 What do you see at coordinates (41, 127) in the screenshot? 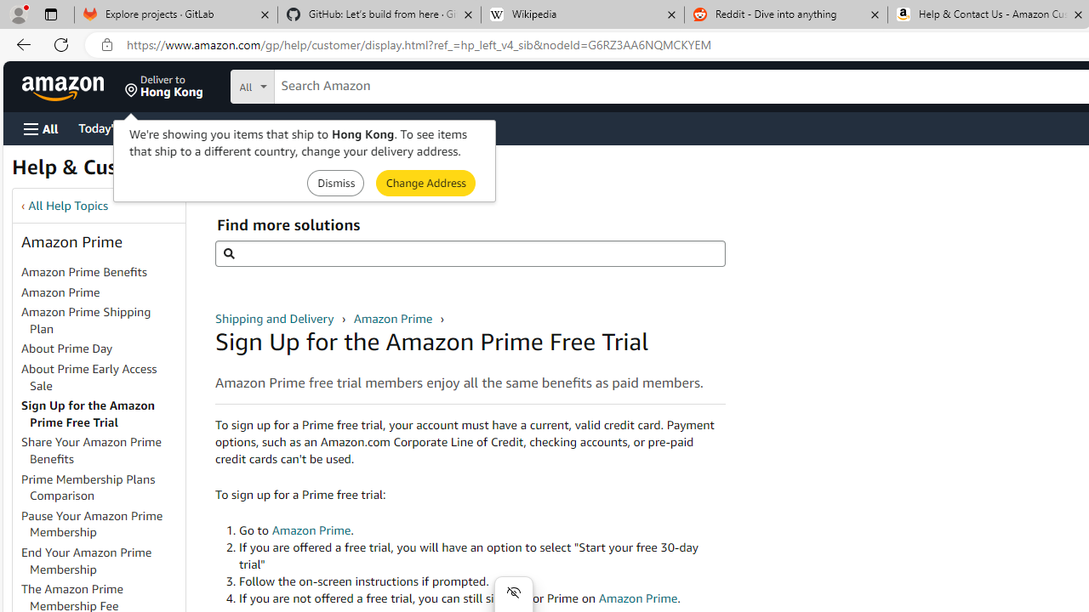
I see `'Open Menu'` at bounding box center [41, 127].